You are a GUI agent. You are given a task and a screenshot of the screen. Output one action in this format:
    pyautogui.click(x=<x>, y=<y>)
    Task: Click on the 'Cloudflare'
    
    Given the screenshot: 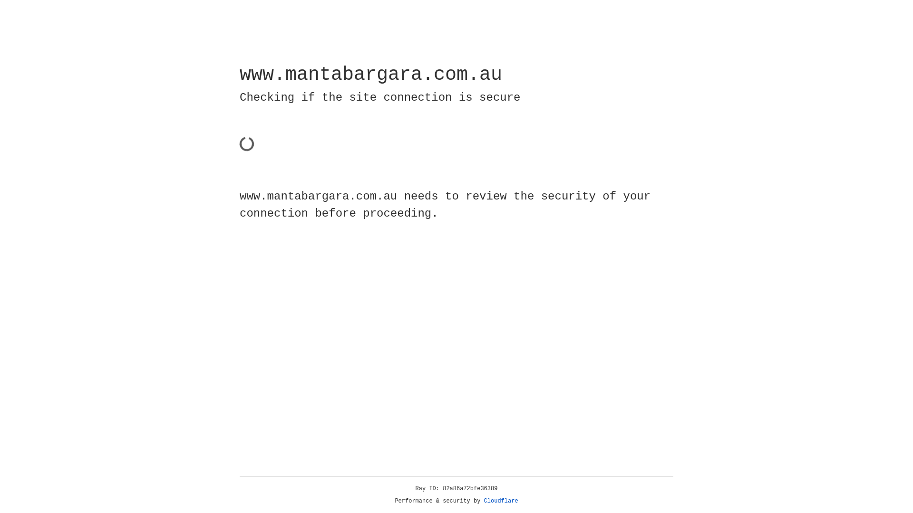 What is the action you would take?
    pyautogui.click(x=484, y=501)
    